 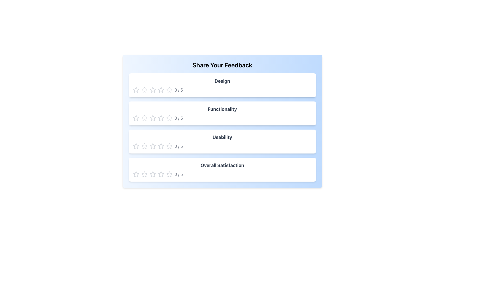 What do you see at coordinates (152, 90) in the screenshot?
I see `the third star icon in the 'Design' feedback section of the rating system` at bounding box center [152, 90].